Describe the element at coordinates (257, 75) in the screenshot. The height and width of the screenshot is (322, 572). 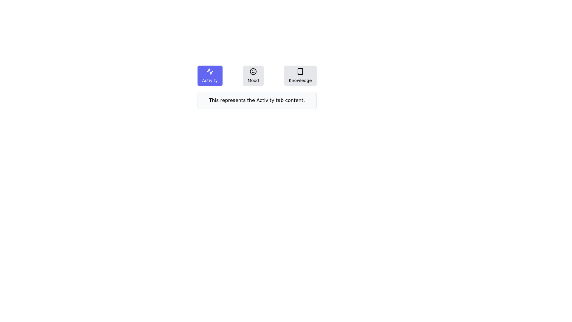
I see `the navigational button for the 'Mood' section, located at the top center of the interface, between the 'Activity' and 'Knowledge' sections` at that location.